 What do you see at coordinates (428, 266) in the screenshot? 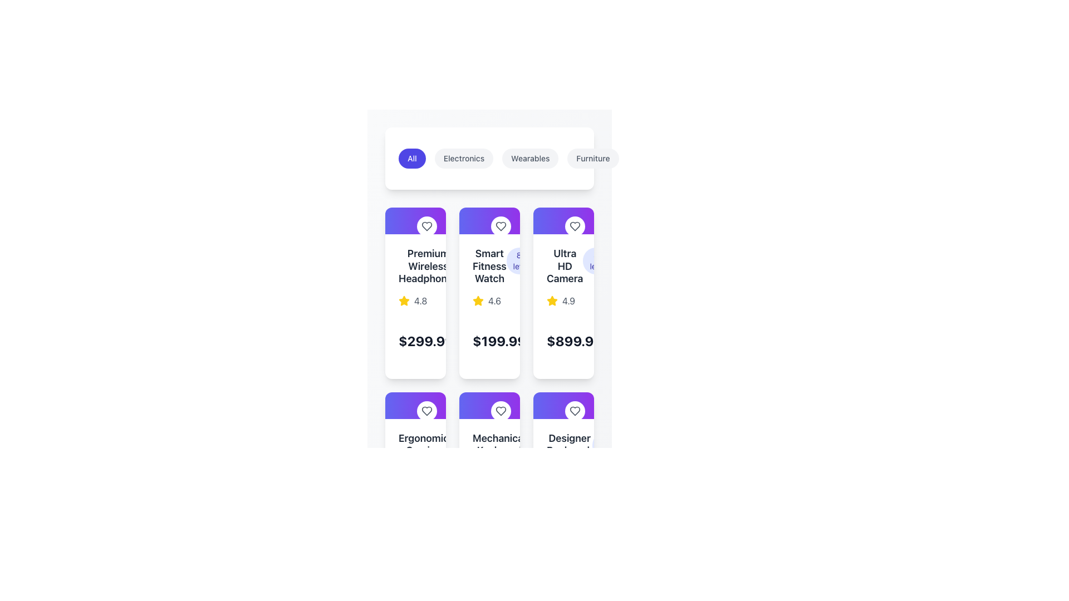
I see `the text label displaying the product name in the first product card of the grid, located near the top-left corner` at bounding box center [428, 266].